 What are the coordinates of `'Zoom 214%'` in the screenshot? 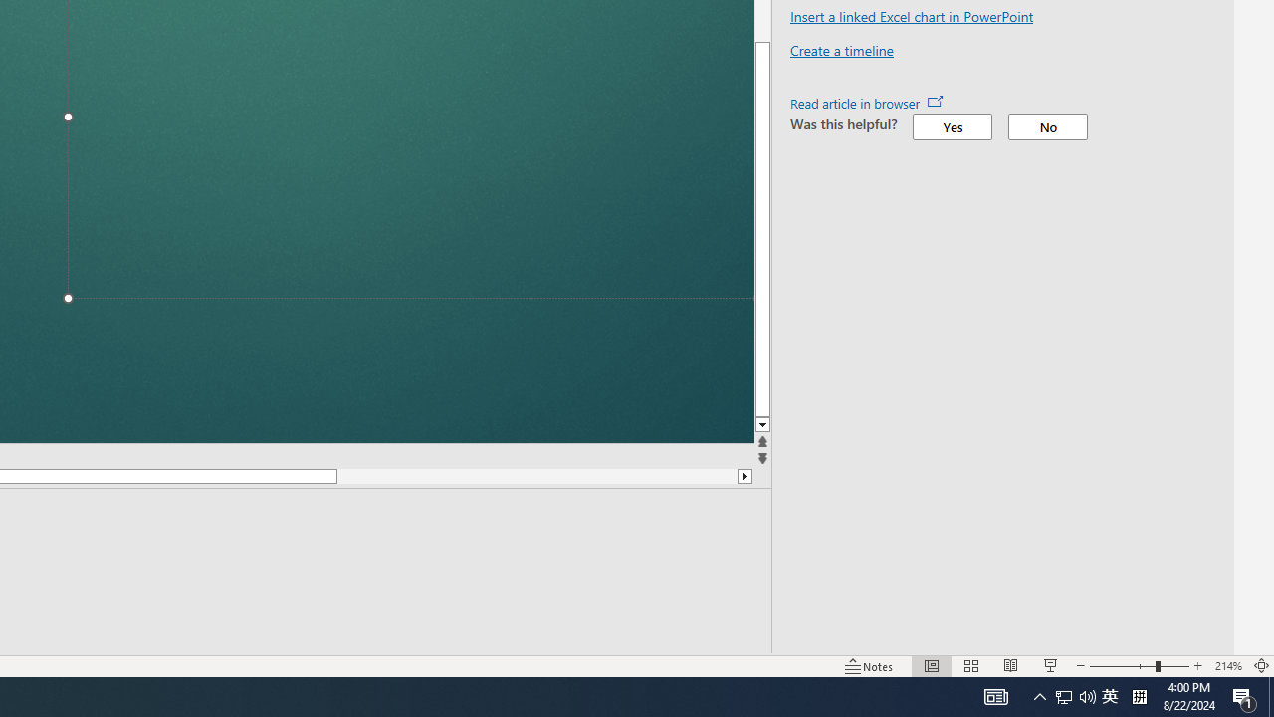 It's located at (1227, 666).